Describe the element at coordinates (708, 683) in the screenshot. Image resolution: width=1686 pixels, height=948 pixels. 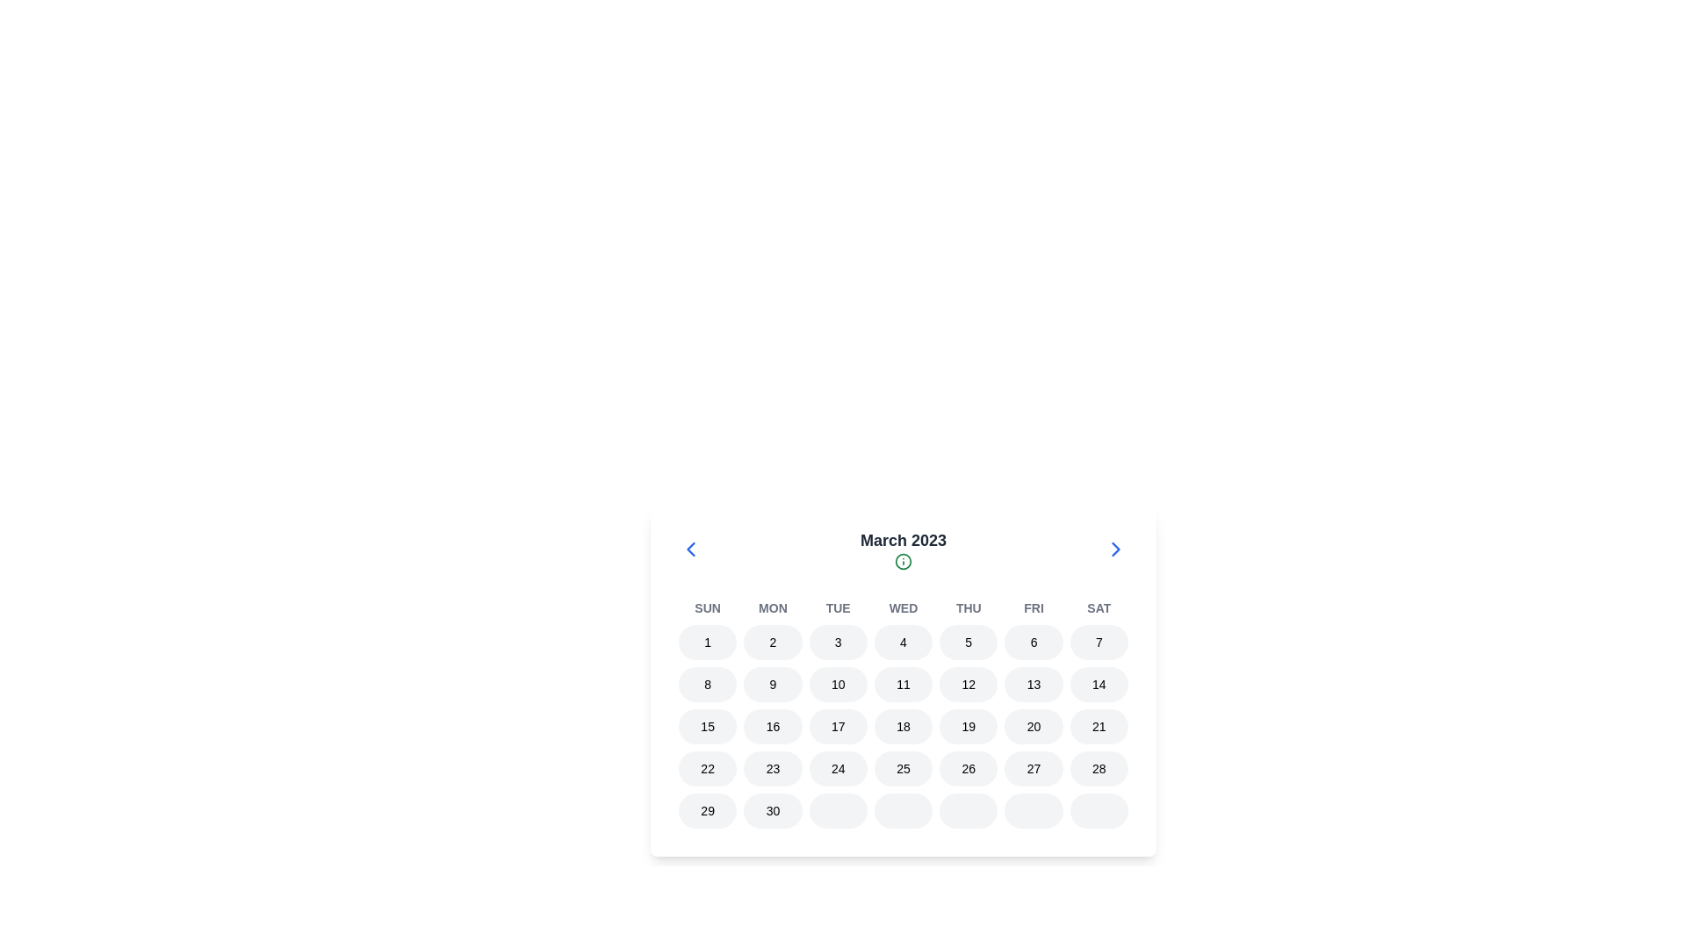
I see `the button representing the date '8' in the current calendar view` at that location.